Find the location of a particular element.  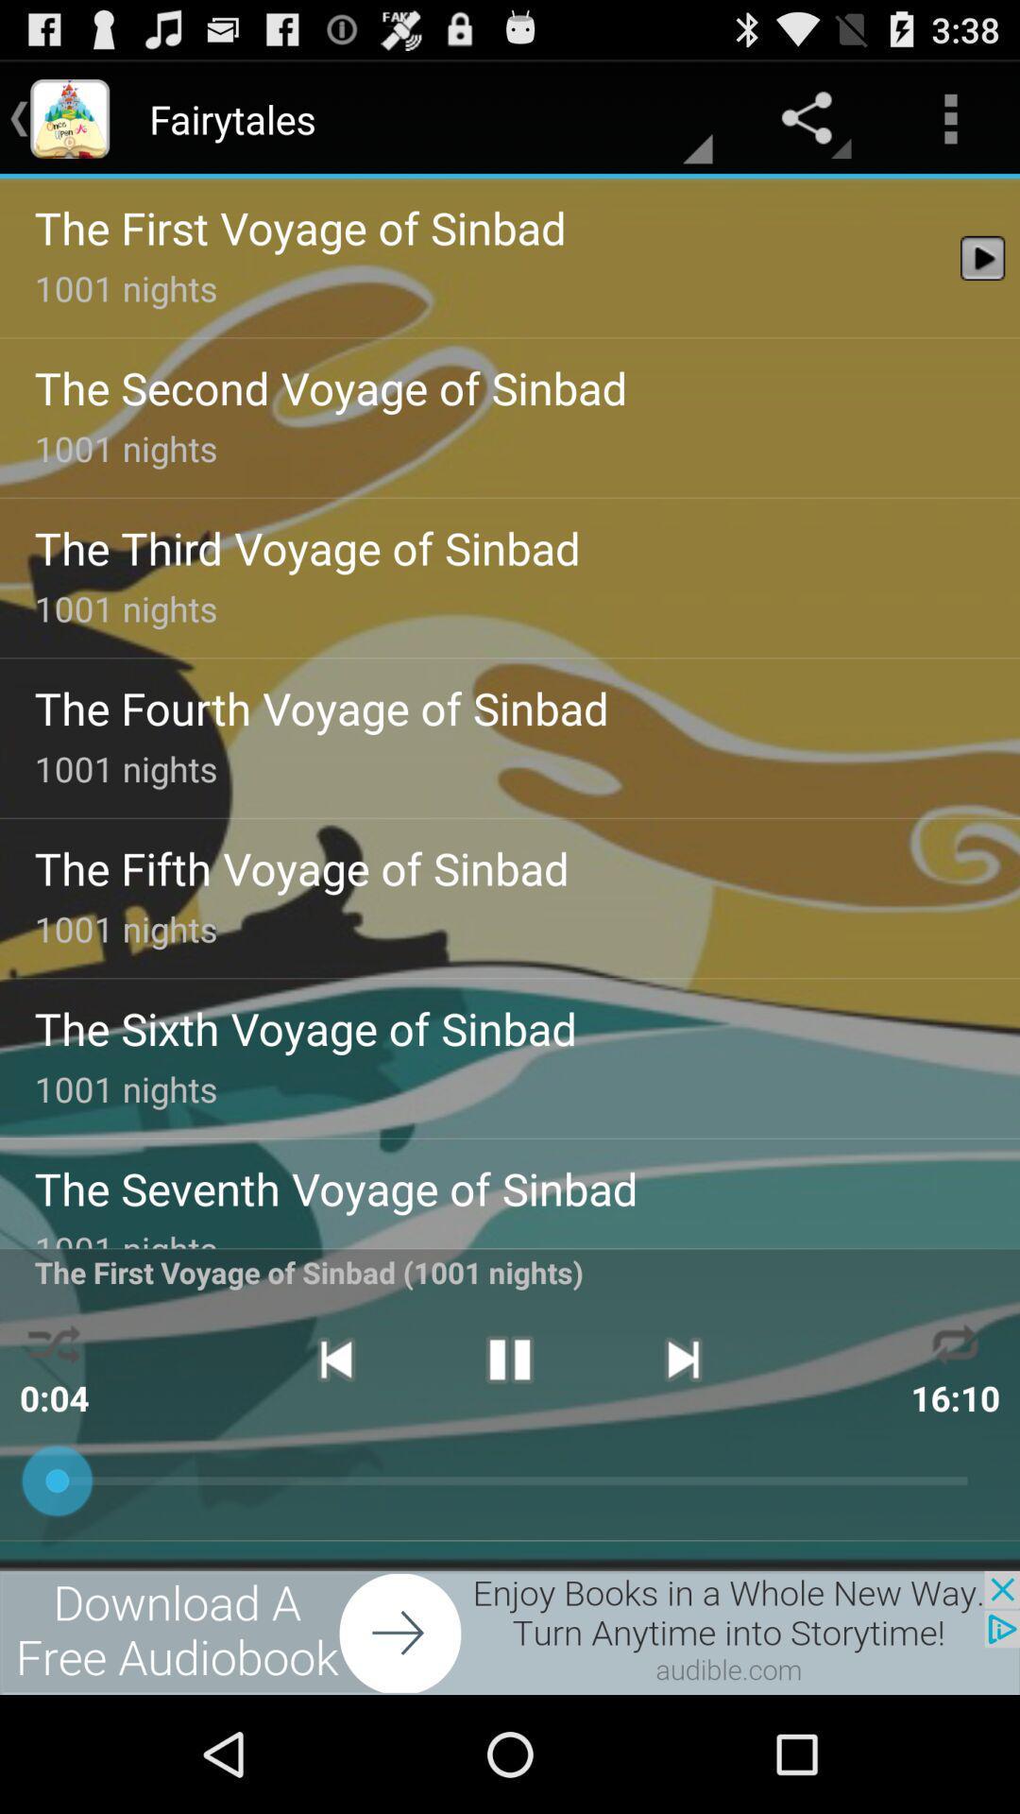

open advertisement is located at coordinates (510, 1632).